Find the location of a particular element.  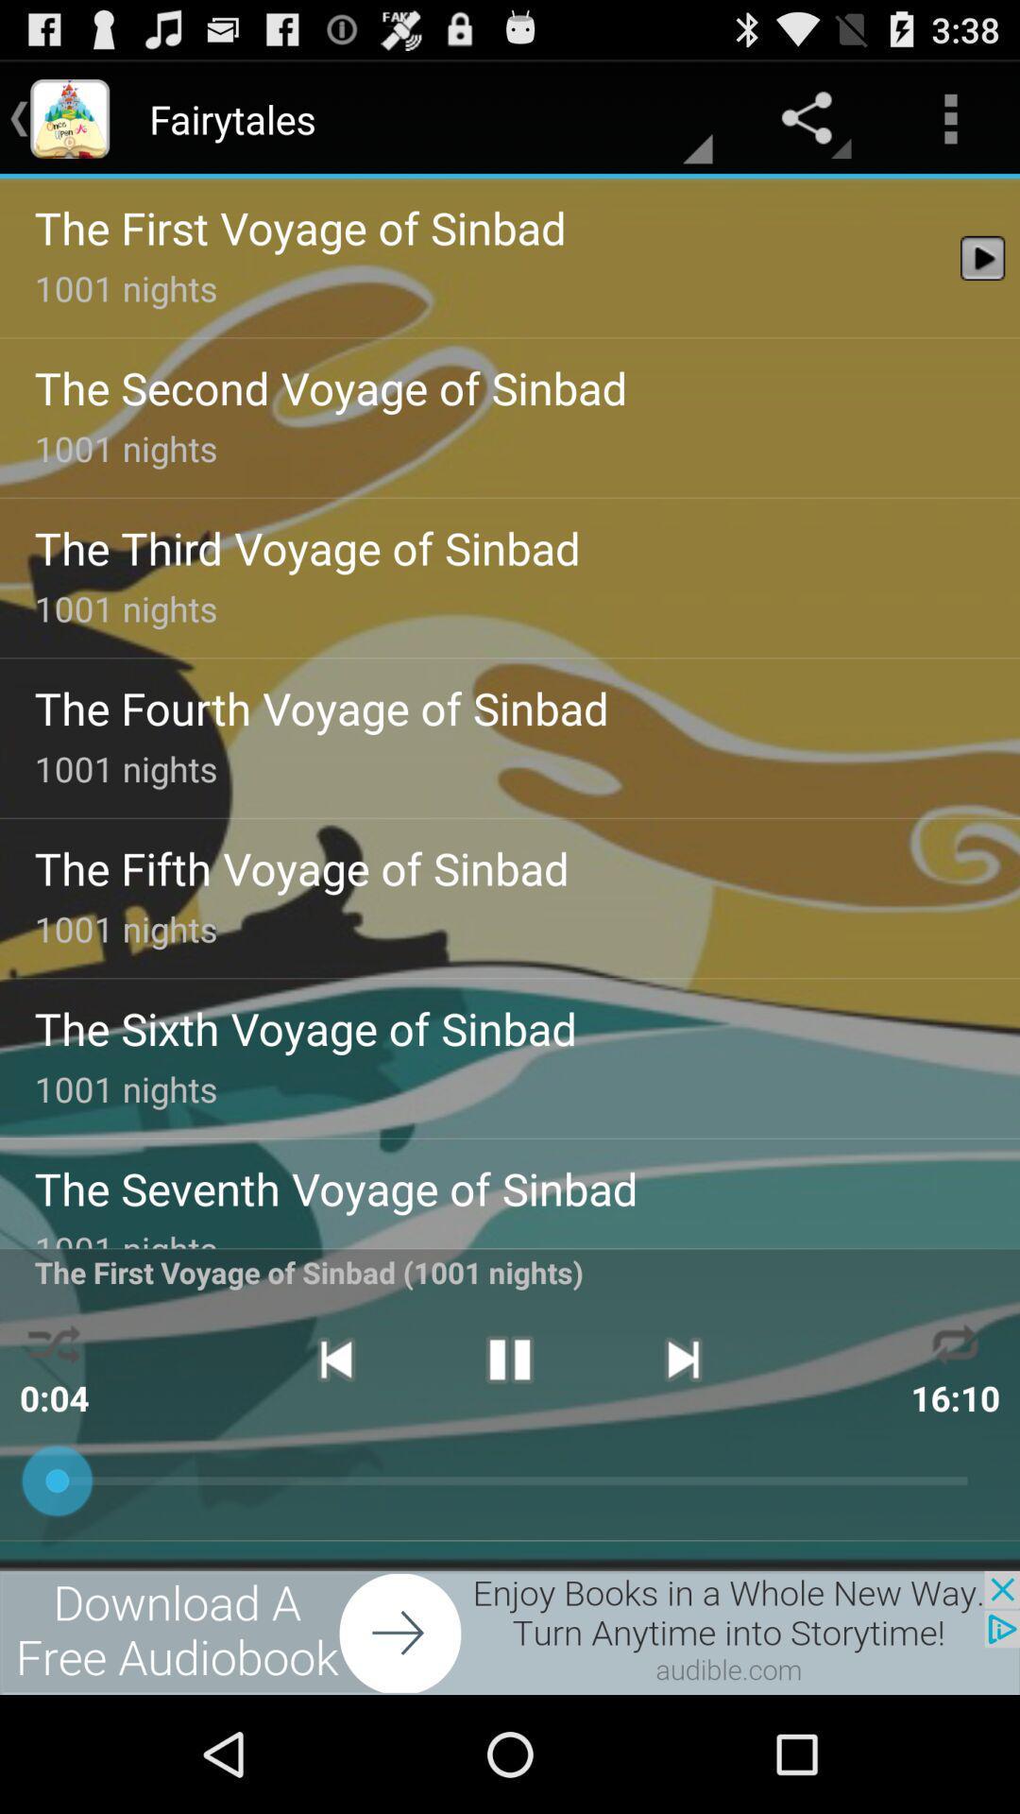

open advertisement is located at coordinates (510, 1632).